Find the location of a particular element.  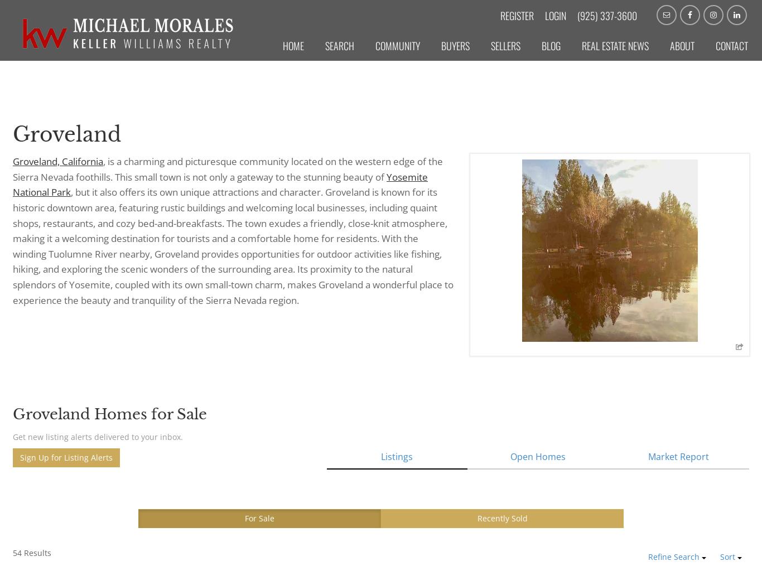

'Contact' is located at coordinates (731, 46).